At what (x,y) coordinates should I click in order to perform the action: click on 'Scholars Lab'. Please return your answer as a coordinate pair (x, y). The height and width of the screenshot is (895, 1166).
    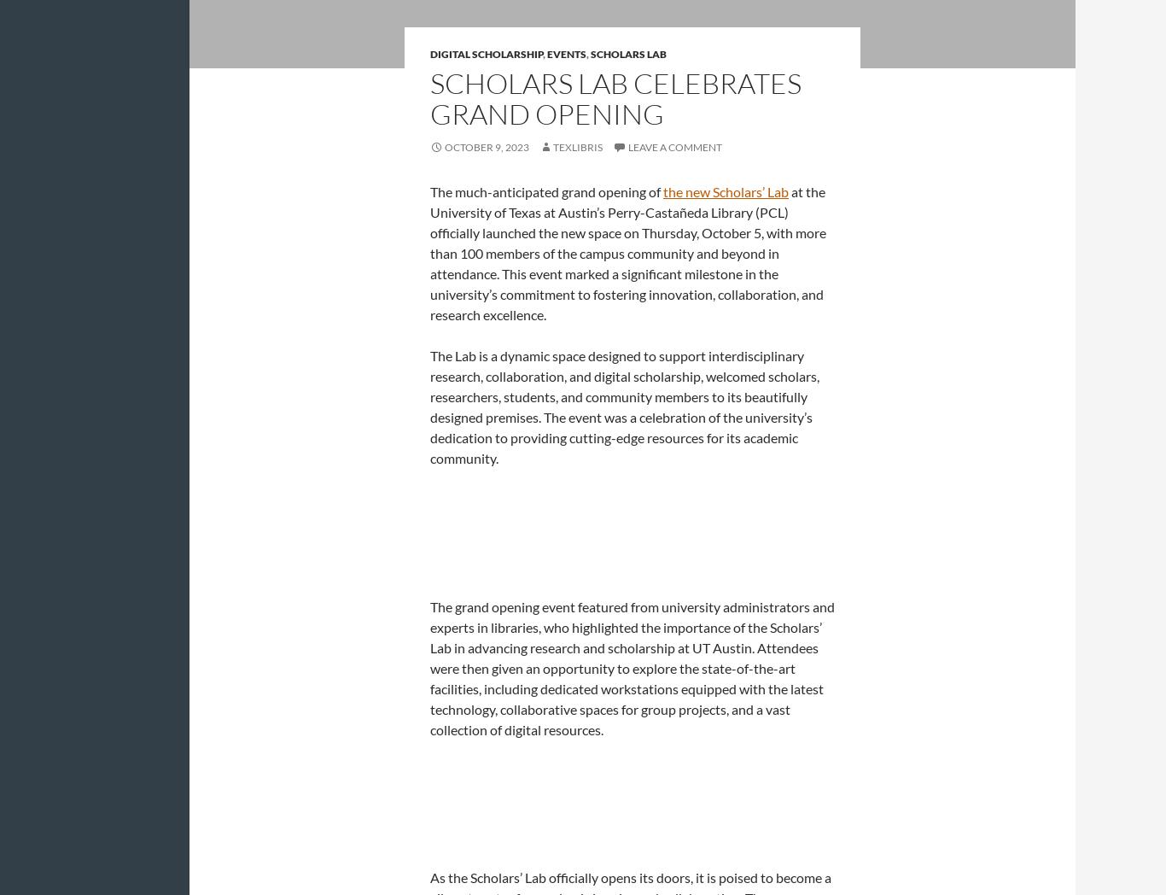
    Looking at the image, I should click on (628, 53).